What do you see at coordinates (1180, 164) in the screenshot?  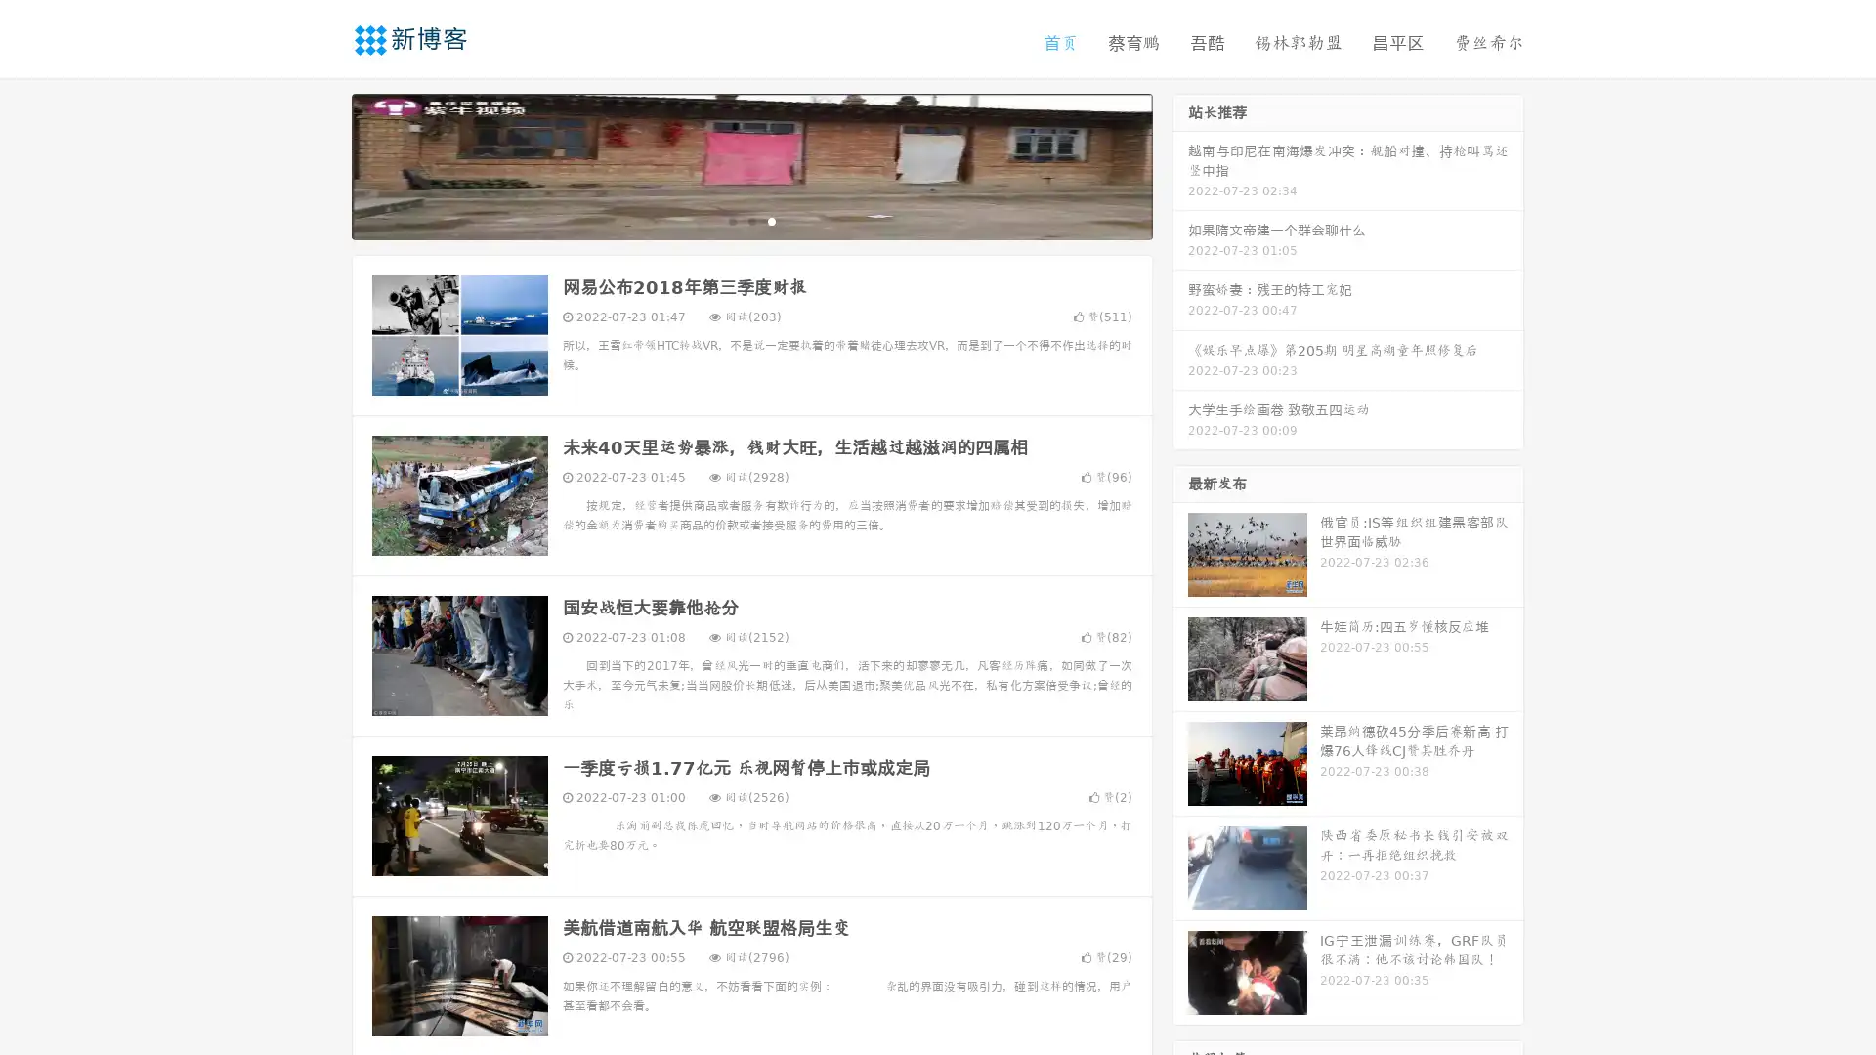 I see `Next slide` at bounding box center [1180, 164].